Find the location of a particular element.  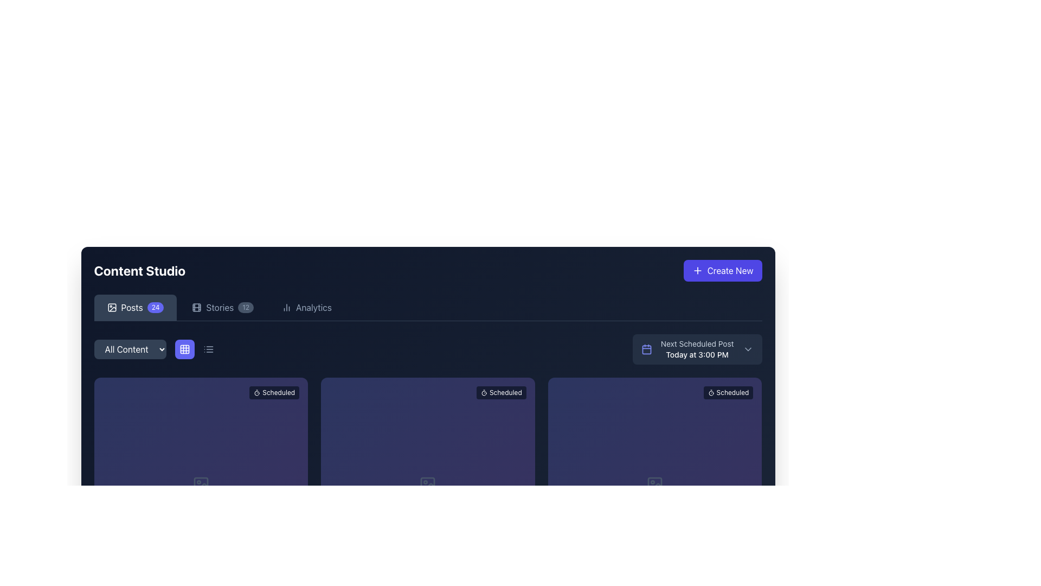

the badge that indicates the count of posts, which is located to the right of the 'Posts' label in the top-left section of the interface is located at coordinates (155, 308).